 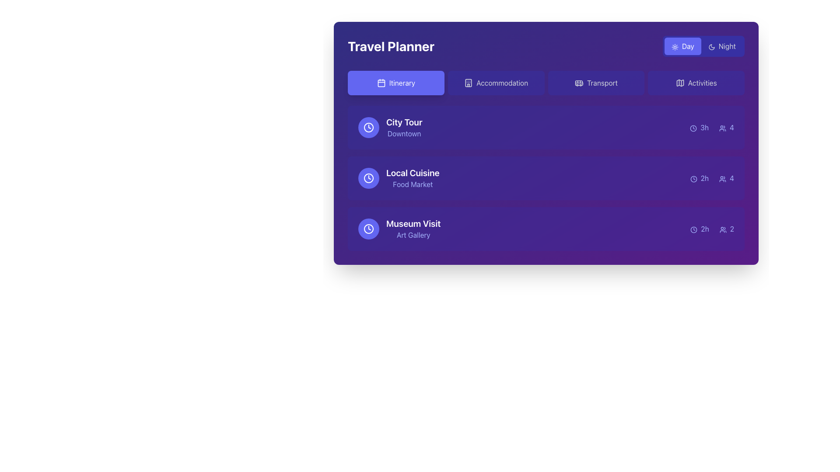 I want to click on the text label displaying 'Food Market' in light indigo color, located below the title 'Local Cuisine' in the dark purple section, so click(x=412, y=184).